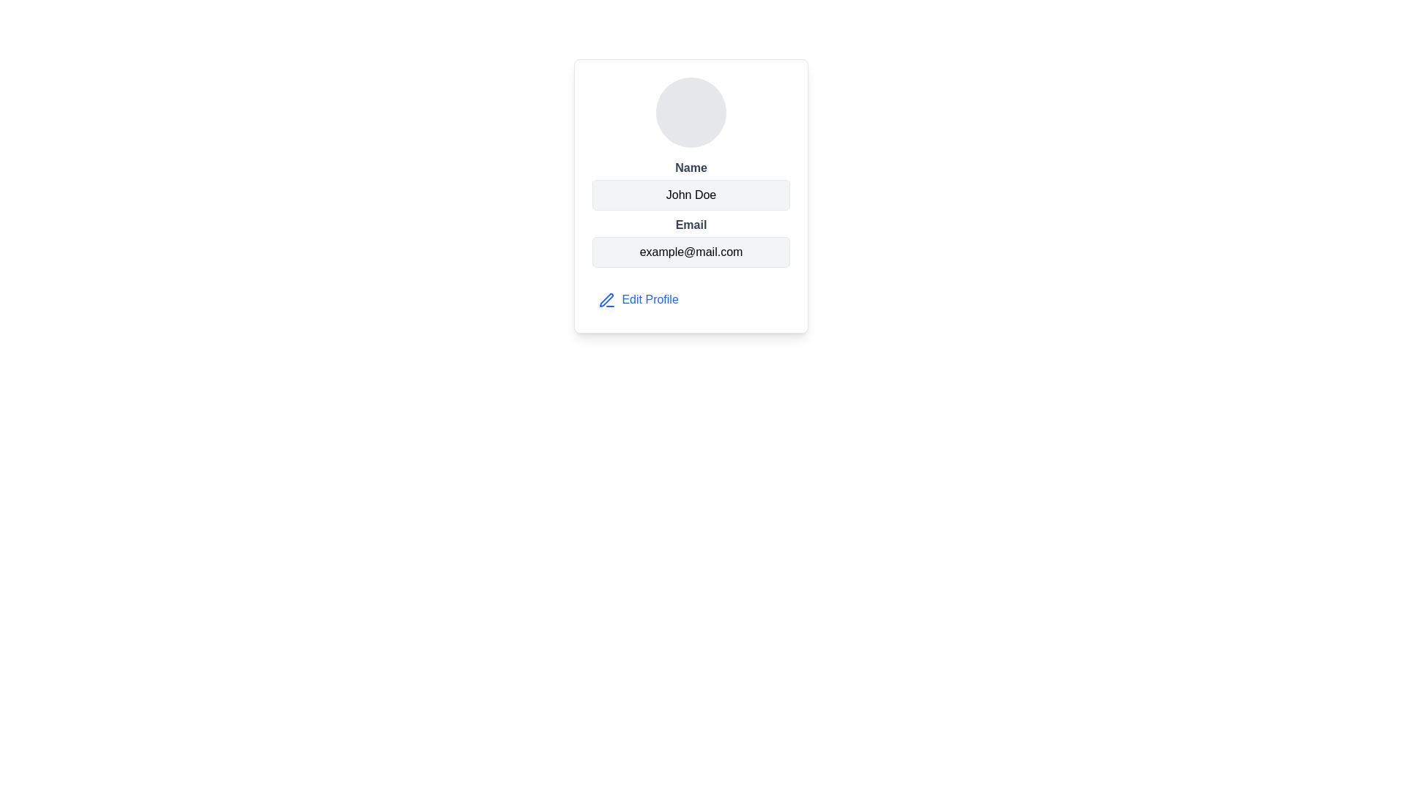  Describe the element at coordinates (691, 168) in the screenshot. I see `the static text label indicating the field for the subsequent text block displaying 'John Doe'` at that location.